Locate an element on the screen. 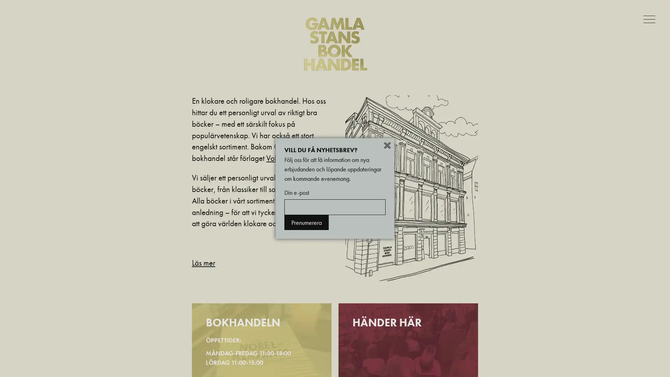 The width and height of the screenshot is (670, 377). Prenumerera is located at coordinates (306, 222).